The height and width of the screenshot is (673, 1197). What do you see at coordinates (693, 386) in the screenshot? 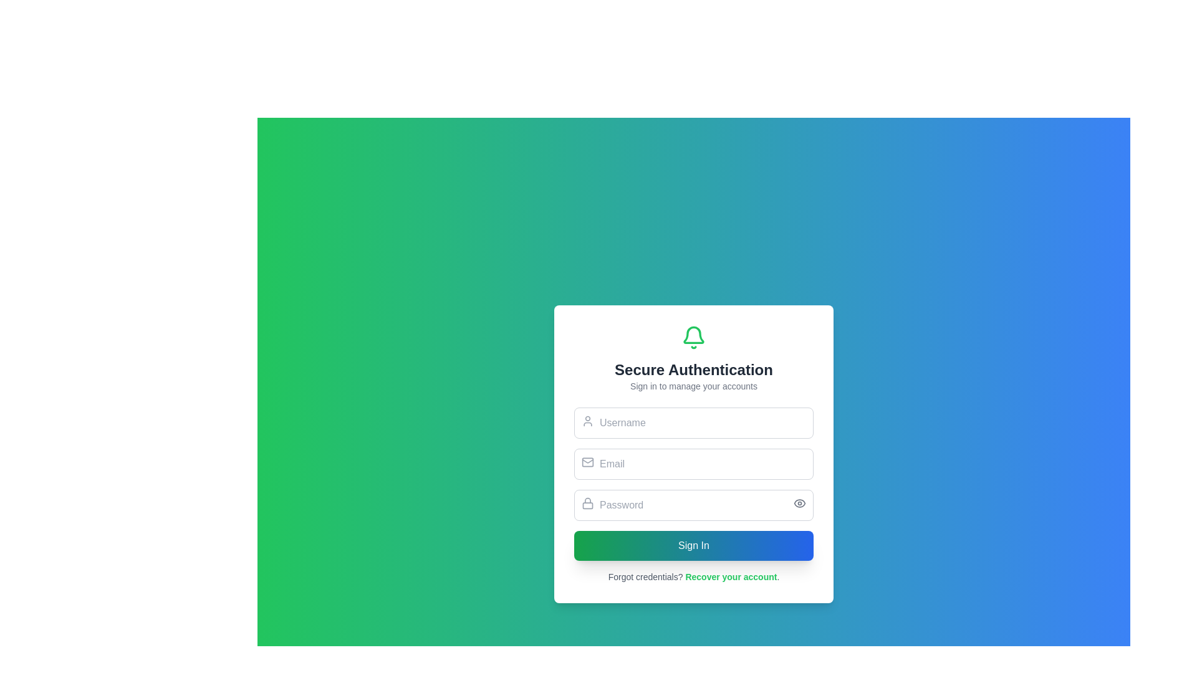
I see `the static text that provides supporting instructions for the sign-in process, located below 'Secure Authentication' and above the user credential input fields` at bounding box center [693, 386].